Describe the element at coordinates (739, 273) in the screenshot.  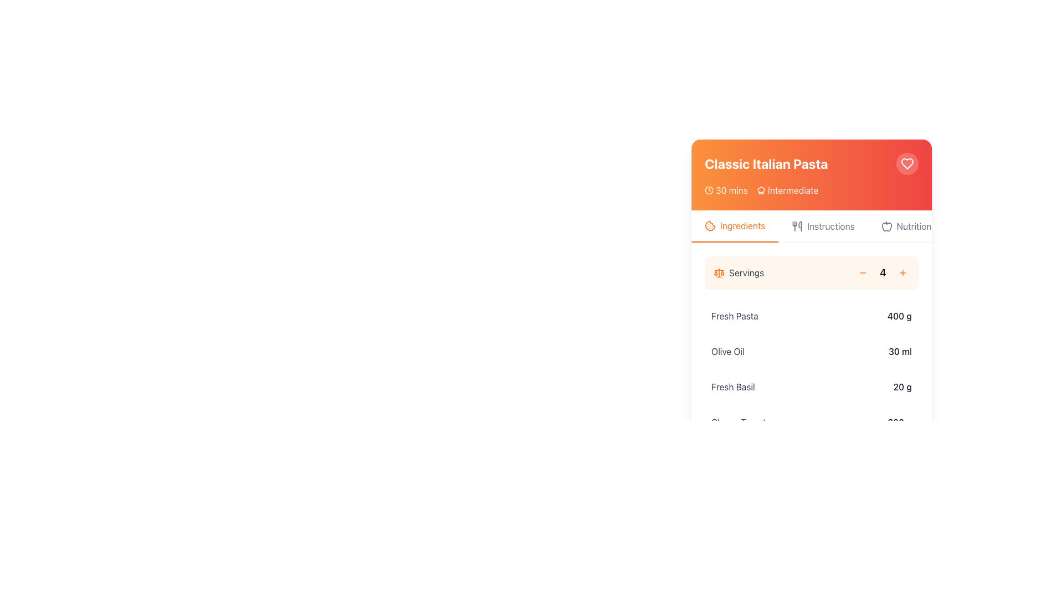
I see `the servings-related label with an icon` at that location.